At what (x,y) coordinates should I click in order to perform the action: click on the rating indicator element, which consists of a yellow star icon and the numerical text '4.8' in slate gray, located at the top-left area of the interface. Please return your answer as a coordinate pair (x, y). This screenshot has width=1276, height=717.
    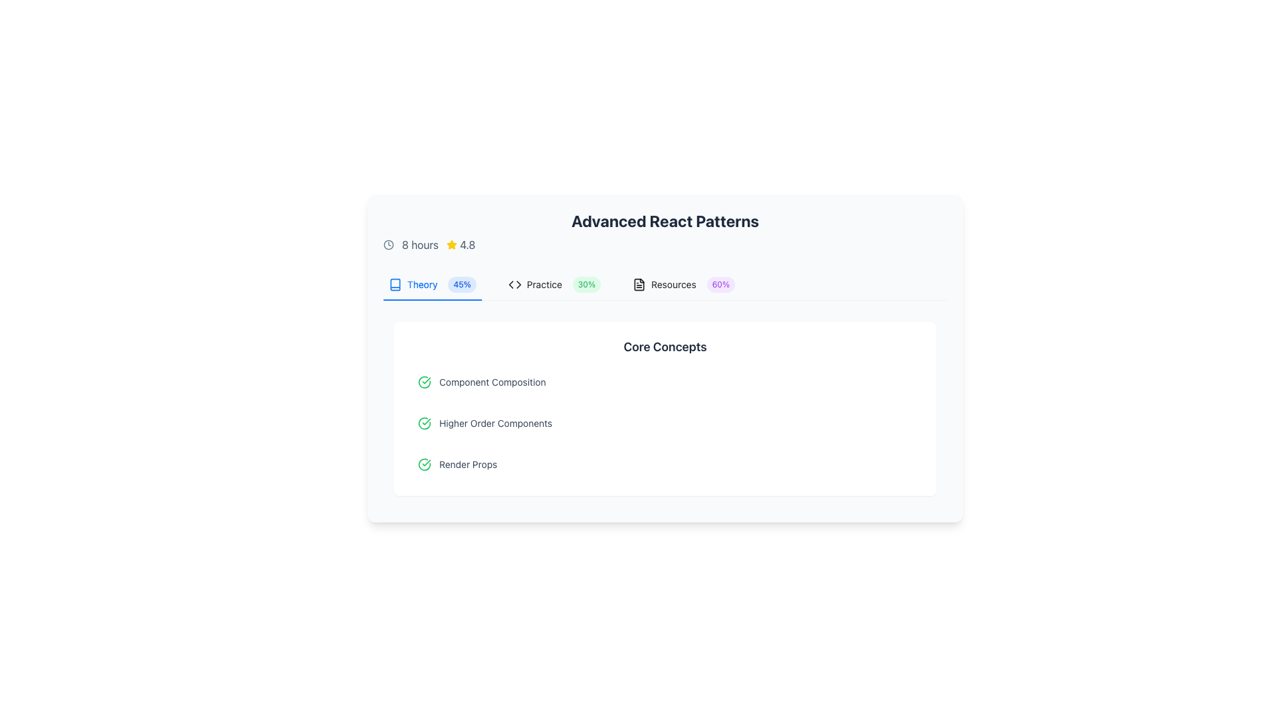
    Looking at the image, I should click on (461, 245).